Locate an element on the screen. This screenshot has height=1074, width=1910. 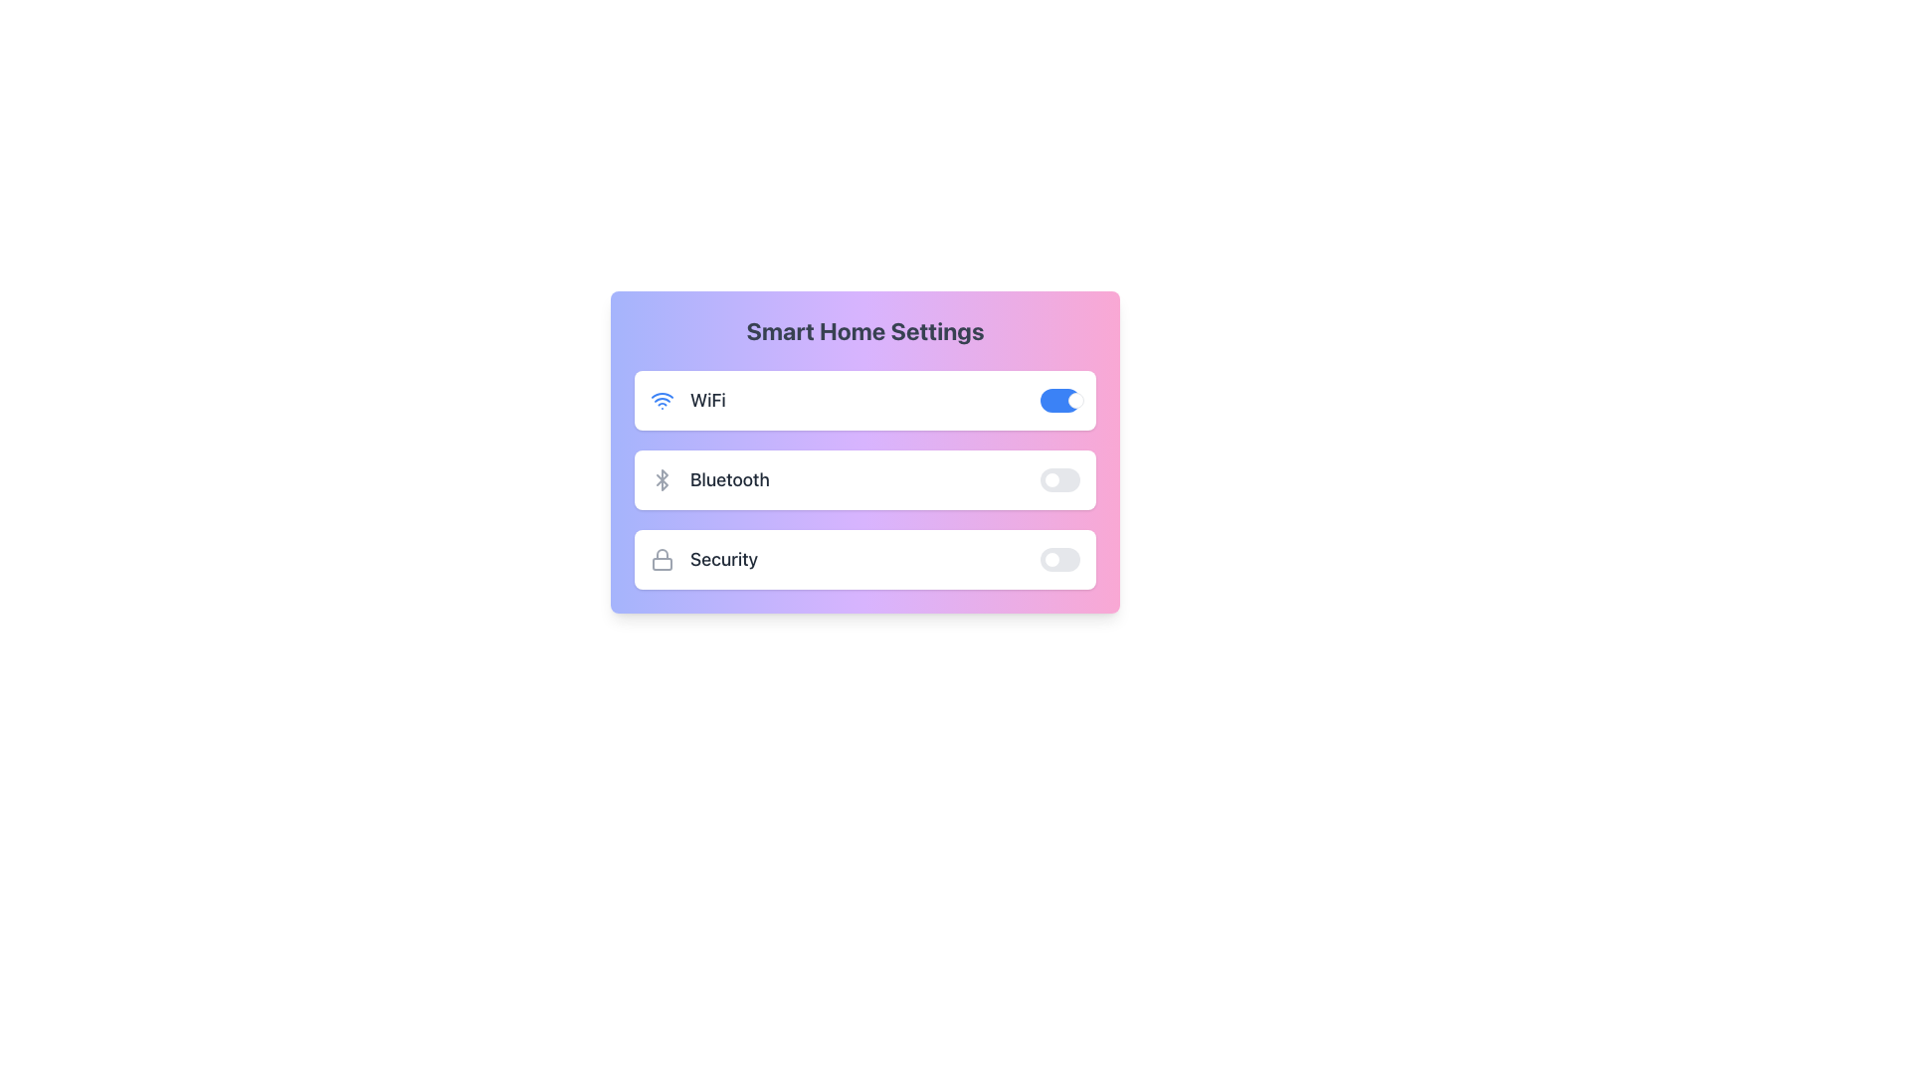
the lock icon element, which is gray and rounded, located to the left of the 'Security' text in the Smart Home Settings interface is located at coordinates (663, 560).